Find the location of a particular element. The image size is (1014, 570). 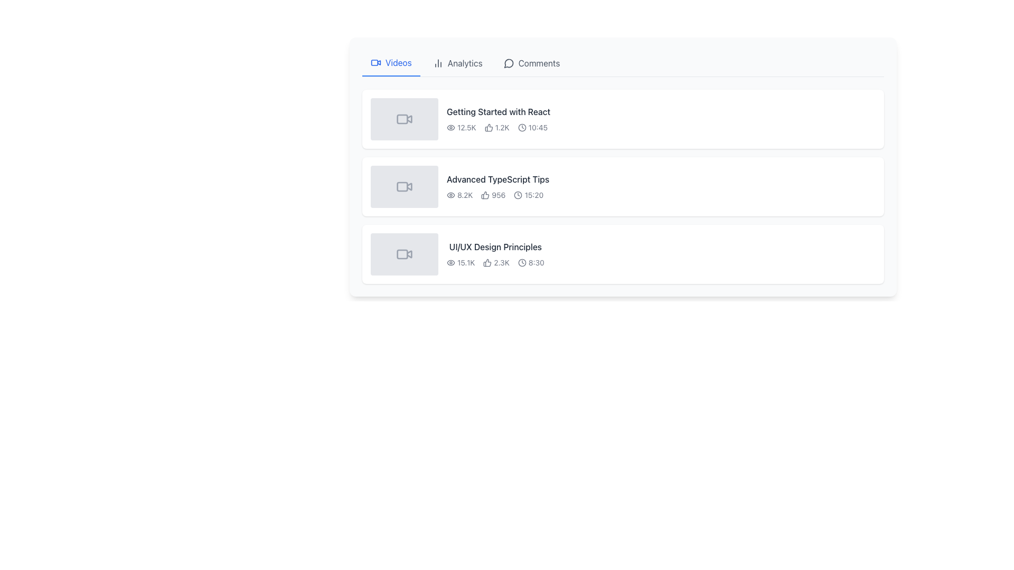

the 'UI/UX Design Principles' text and icon combination display panel, which features bold dark text and accompanying icons for views, likes, and duration, located at the bottom of the video entries in the 'Videos' tab is located at coordinates (495, 254).